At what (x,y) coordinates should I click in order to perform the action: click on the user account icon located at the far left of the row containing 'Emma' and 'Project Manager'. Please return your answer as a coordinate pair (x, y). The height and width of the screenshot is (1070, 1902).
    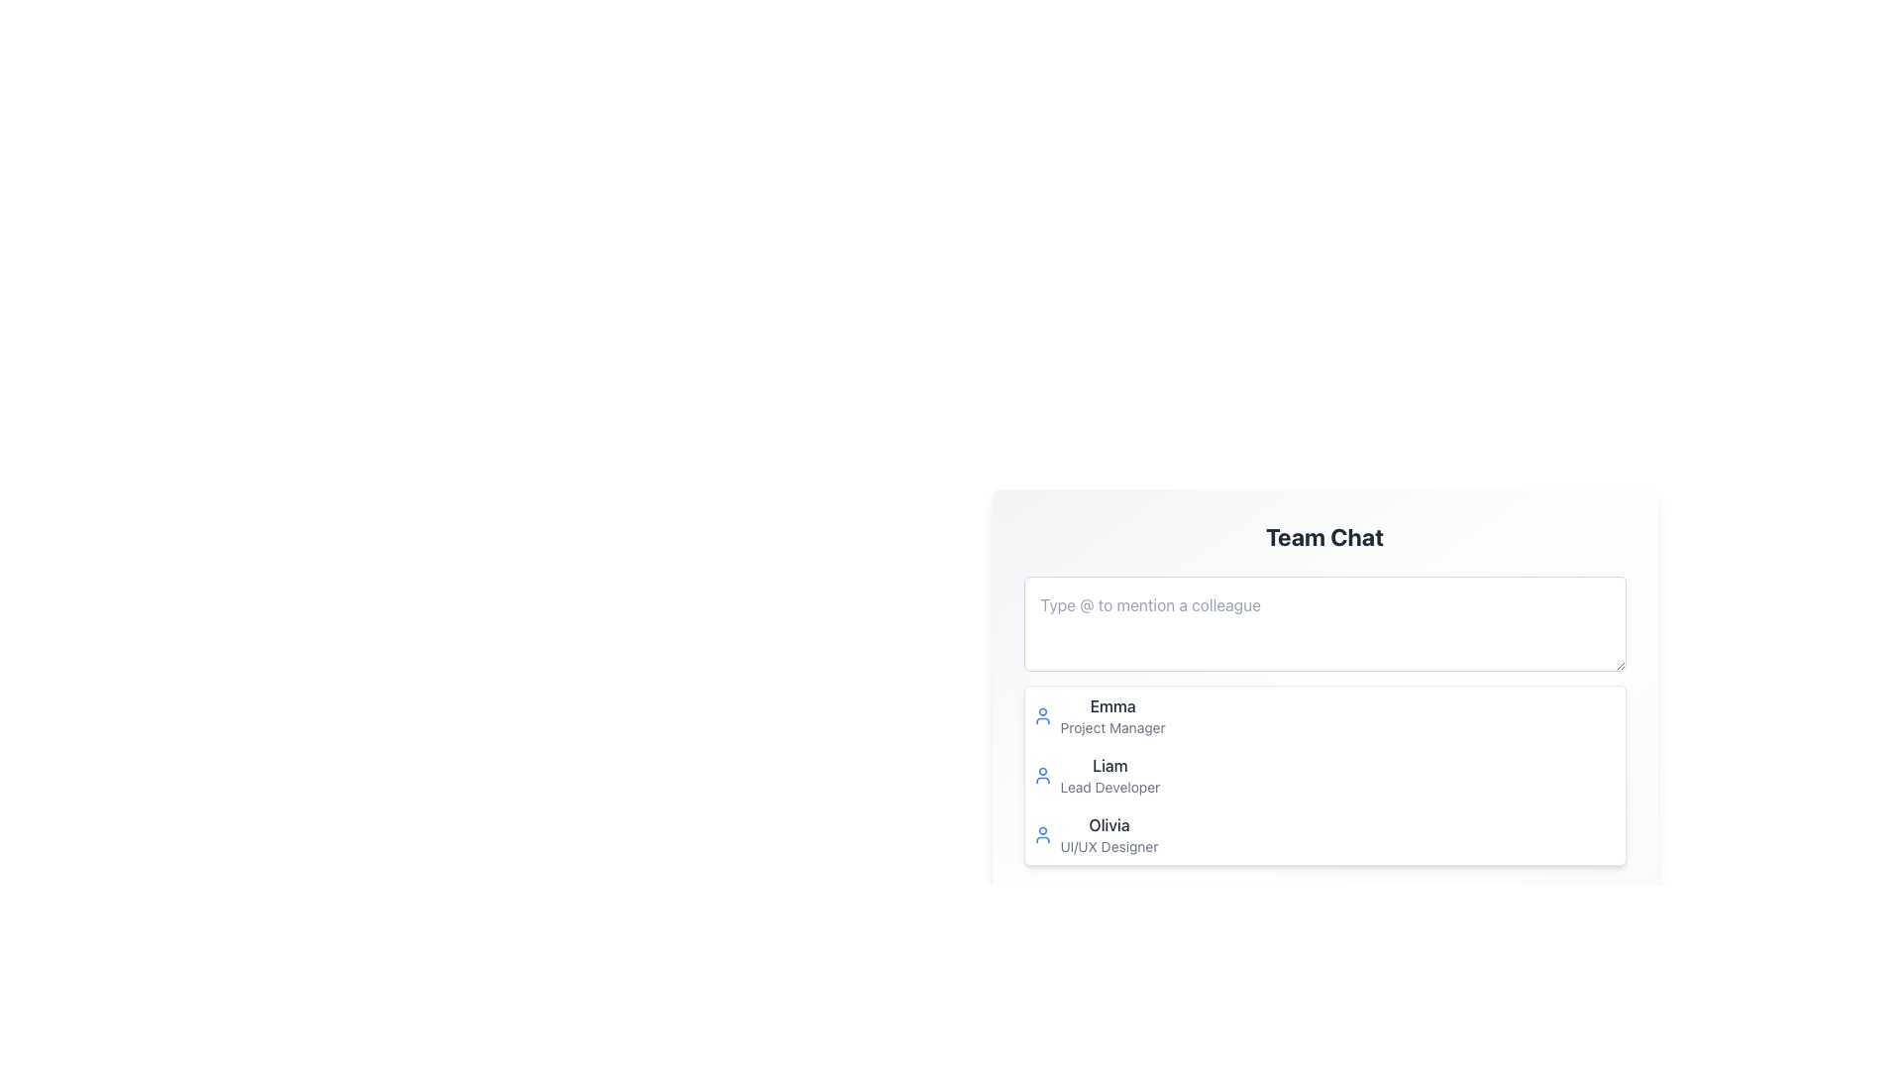
    Looking at the image, I should click on (1041, 715).